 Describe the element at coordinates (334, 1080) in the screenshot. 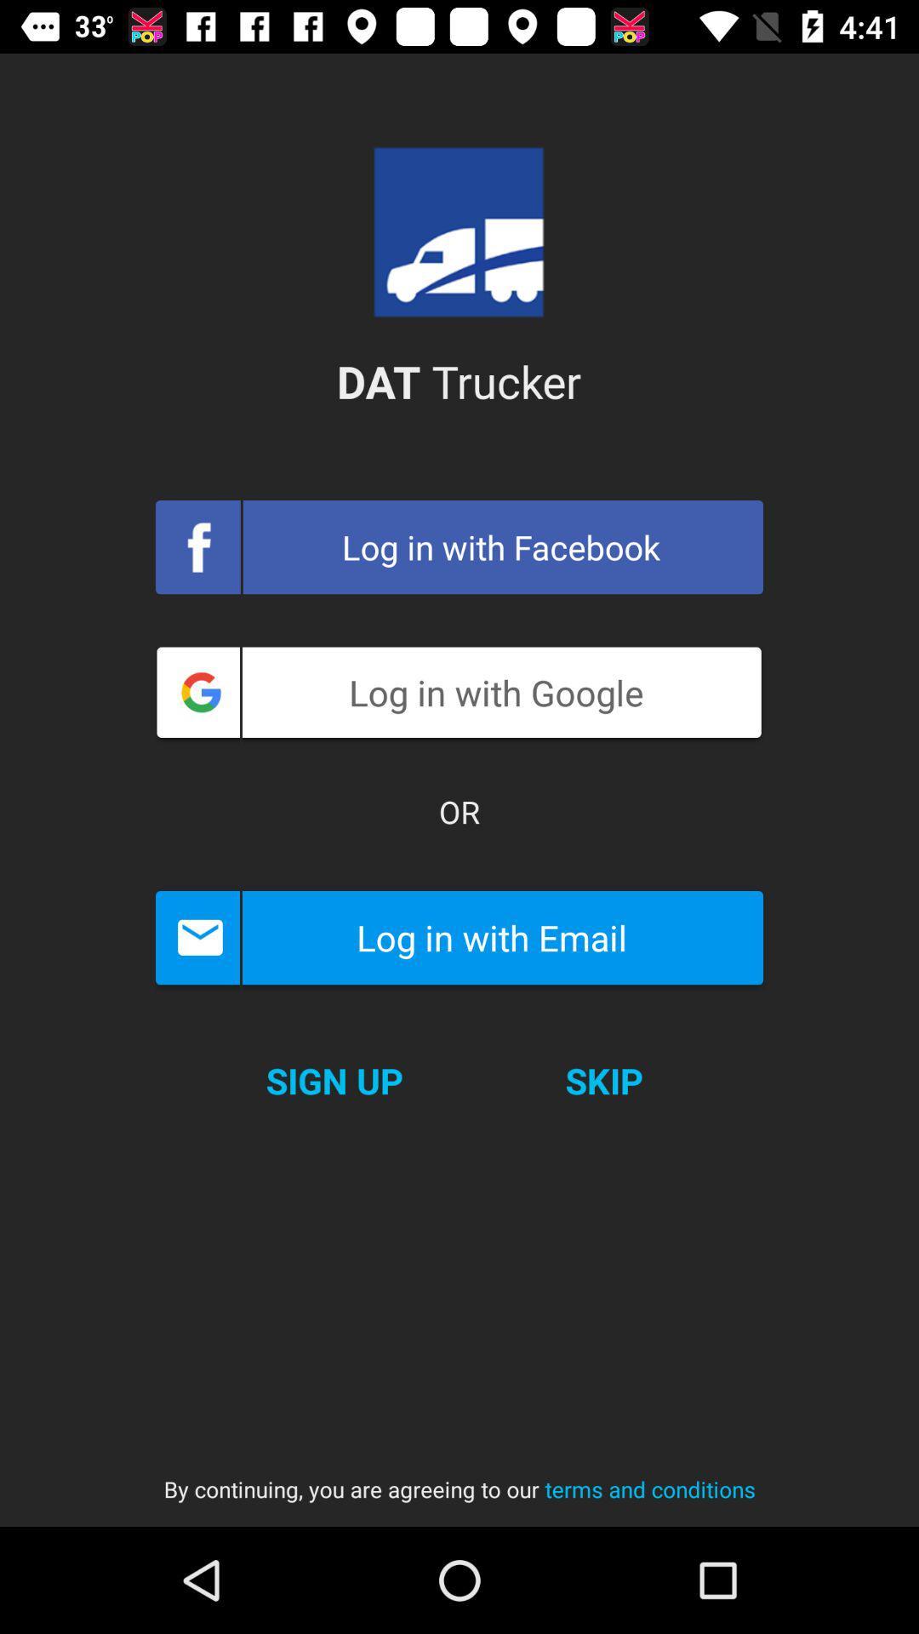

I see `the item to the left of the skip icon` at that location.